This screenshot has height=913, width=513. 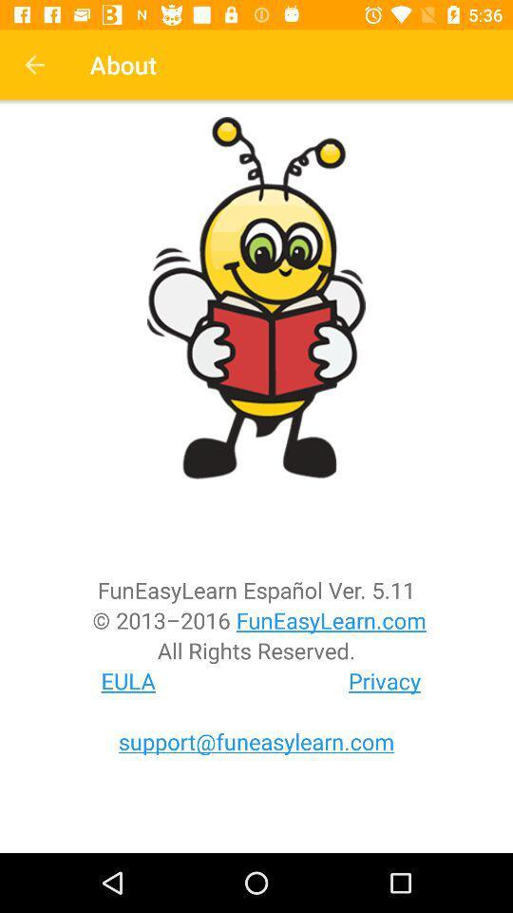 I want to click on item to the left of about, so click(x=34, y=65).